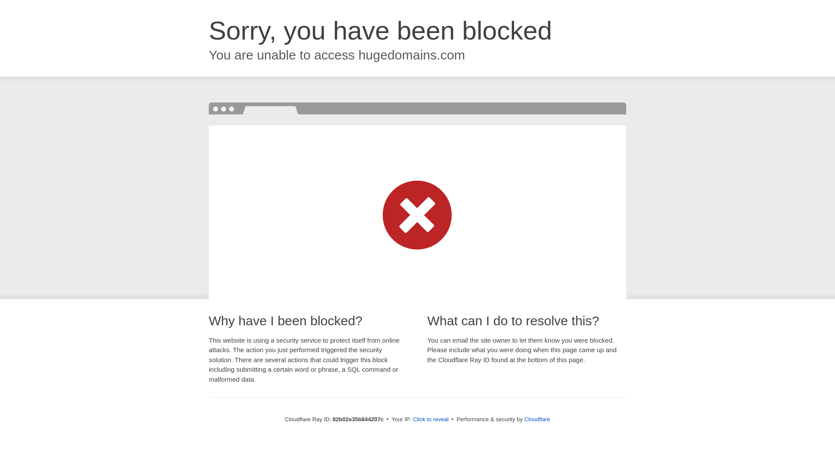 The image size is (835, 469). I want to click on 'Cloudflare', so click(537, 419).